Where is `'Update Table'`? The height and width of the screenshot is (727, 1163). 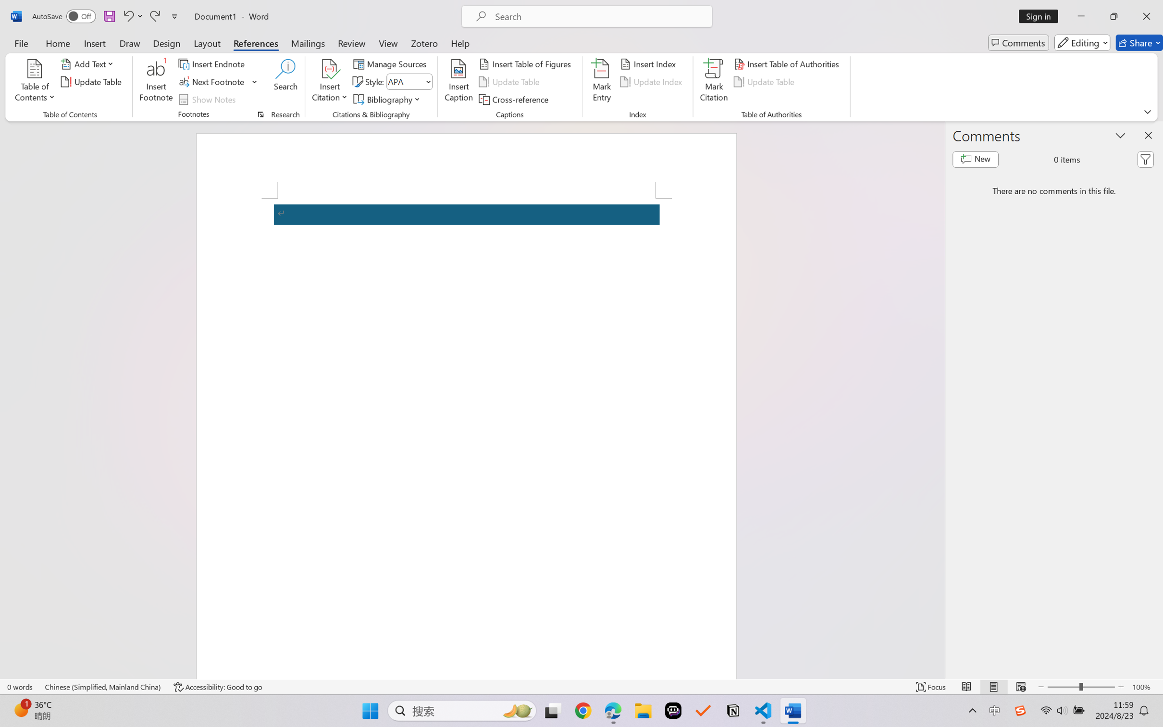 'Update Table' is located at coordinates (765, 82).